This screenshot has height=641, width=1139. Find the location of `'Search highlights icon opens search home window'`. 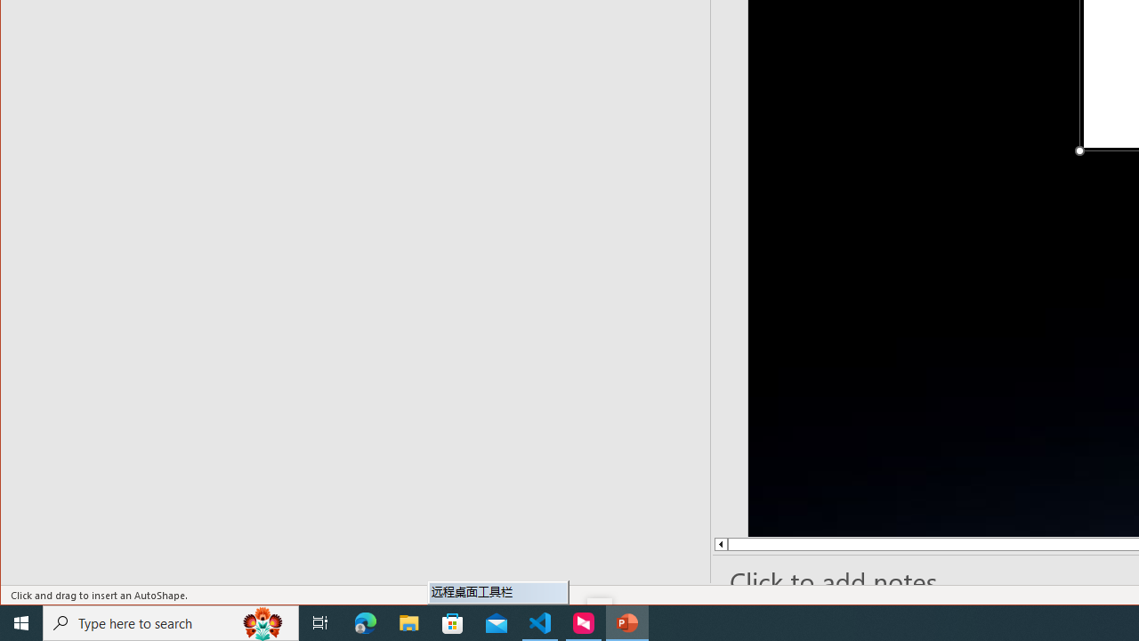

'Search highlights icon opens search home window' is located at coordinates (262, 621).